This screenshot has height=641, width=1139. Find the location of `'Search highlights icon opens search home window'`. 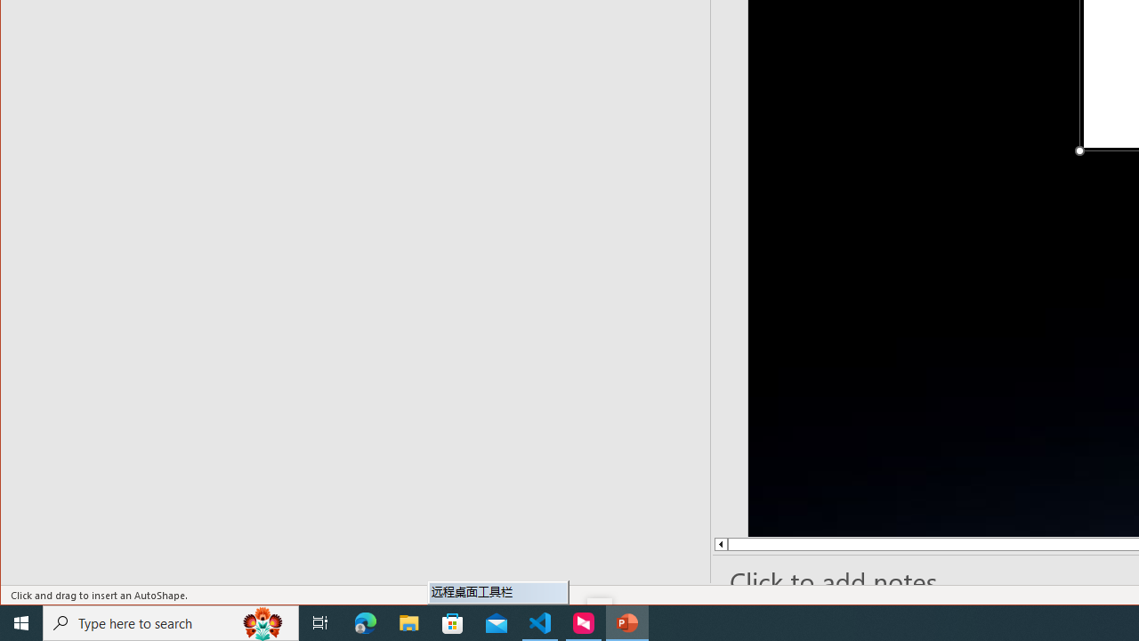

'Search highlights icon opens search home window' is located at coordinates (262, 621).